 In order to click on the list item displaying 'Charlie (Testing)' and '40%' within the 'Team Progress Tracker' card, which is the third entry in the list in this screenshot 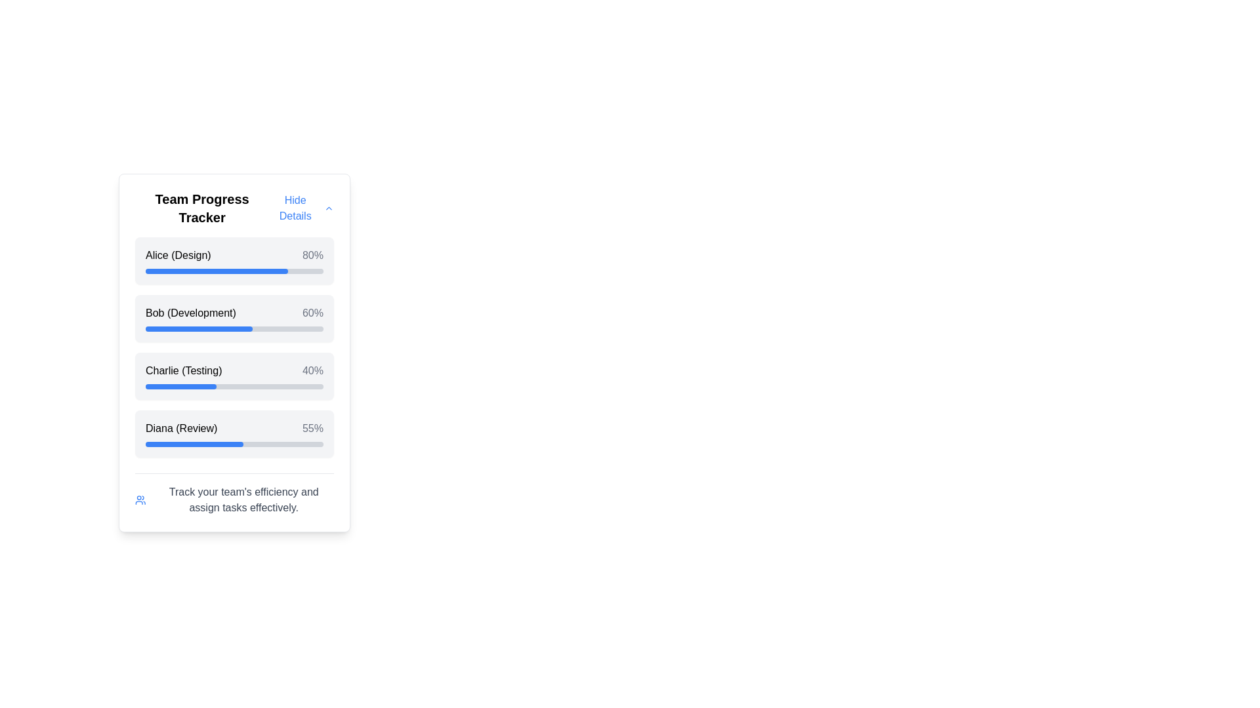, I will do `click(234, 371)`.